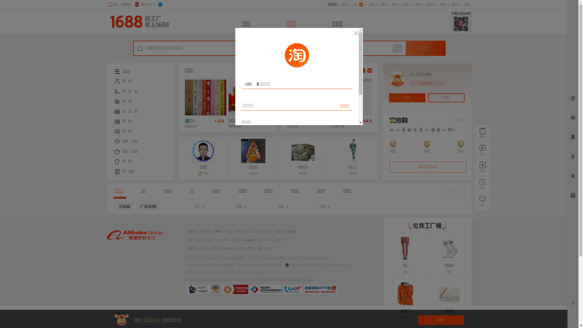 Image resolution: width=583 pixels, height=328 pixels. What do you see at coordinates (287, 231) in the screenshot?
I see `'AliOS'` at bounding box center [287, 231].